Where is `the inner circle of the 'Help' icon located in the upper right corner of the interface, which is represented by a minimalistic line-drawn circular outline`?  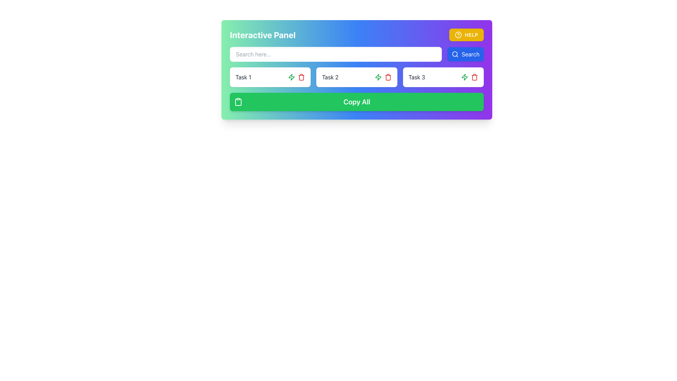
the inner circle of the 'Help' icon located in the upper right corner of the interface, which is represented by a minimalistic line-drawn circular outline is located at coordinates (458, 35).